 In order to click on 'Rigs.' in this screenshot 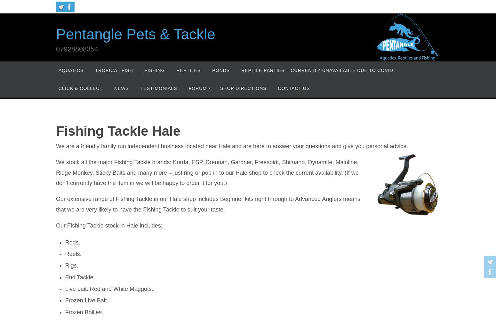, I will do `click(71, 265)`.